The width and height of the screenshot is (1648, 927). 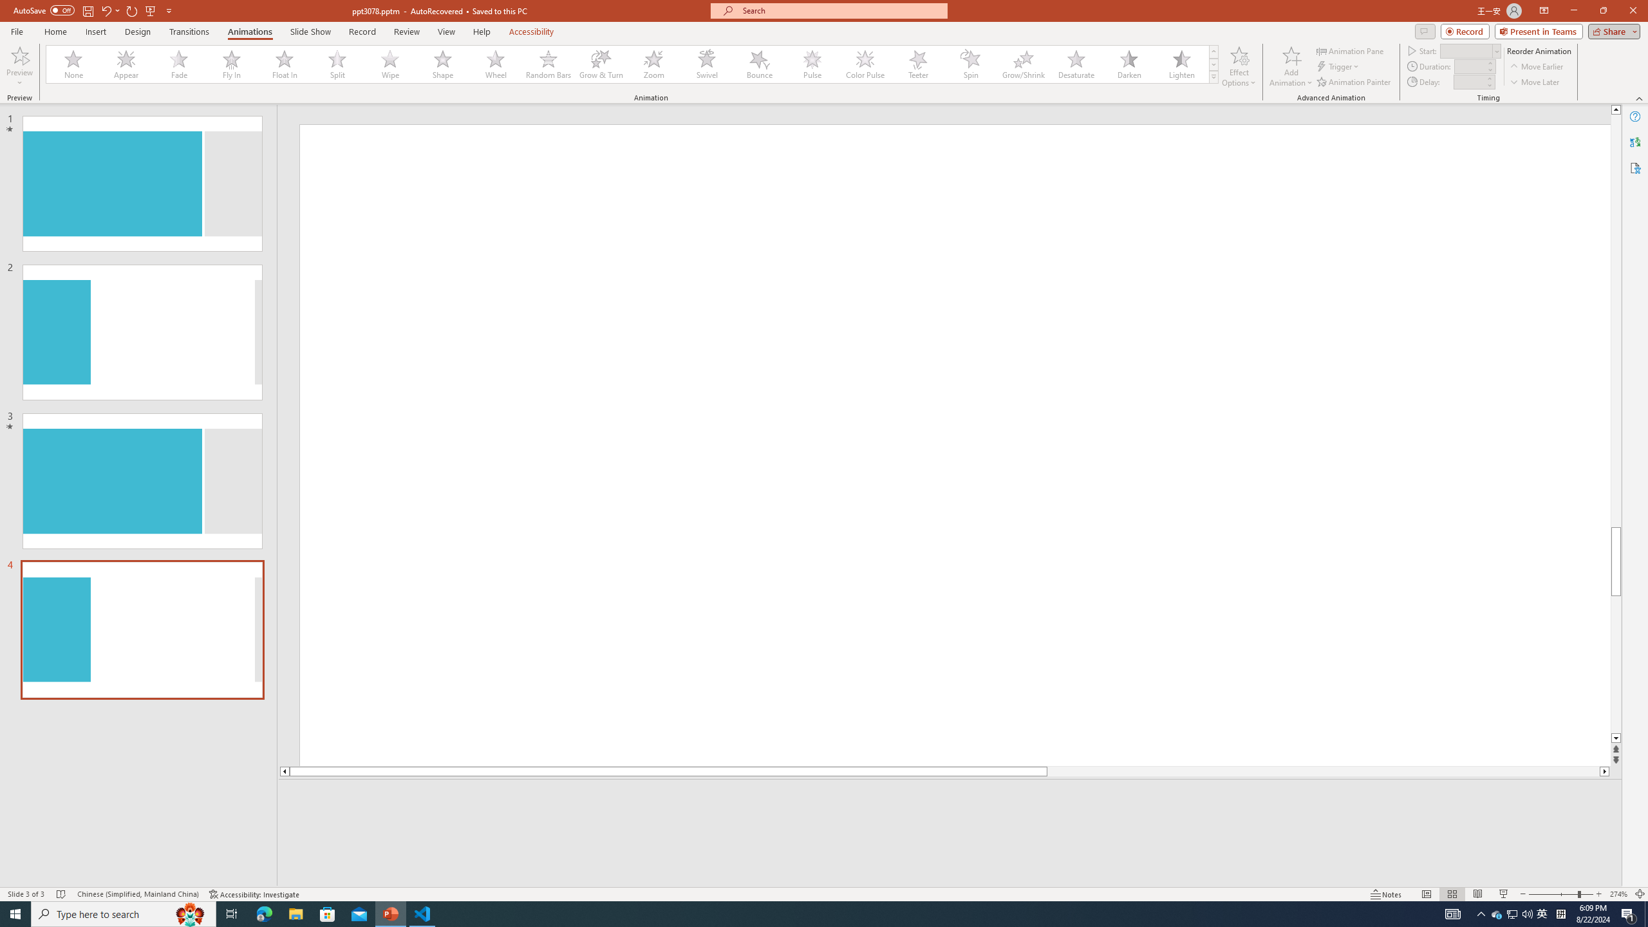 I want to click on 'Zoom 274%', so click(x=1619, y=894).